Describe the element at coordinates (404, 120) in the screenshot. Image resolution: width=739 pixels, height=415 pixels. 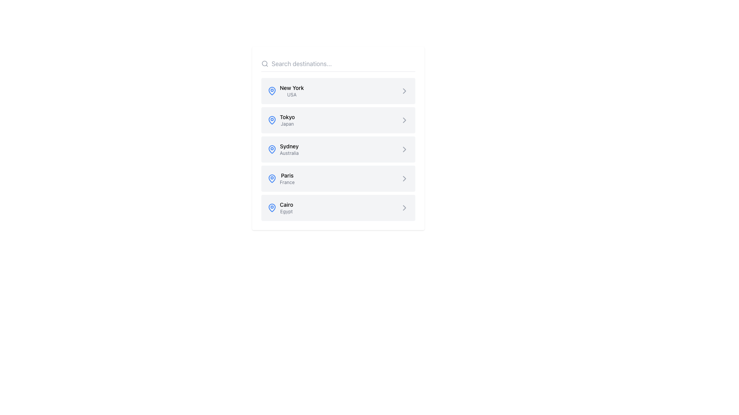
I see `the chevron icon located at the right end of the 'Tokyo - Japan' list item` at that location.